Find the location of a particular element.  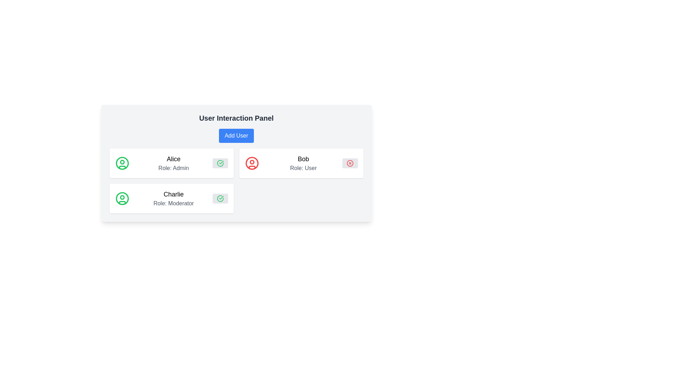

text label that displays 'User Interaction Panel', which is centrally aligned and positioned above the 'Add User' button is located at coordinates (236, 118).